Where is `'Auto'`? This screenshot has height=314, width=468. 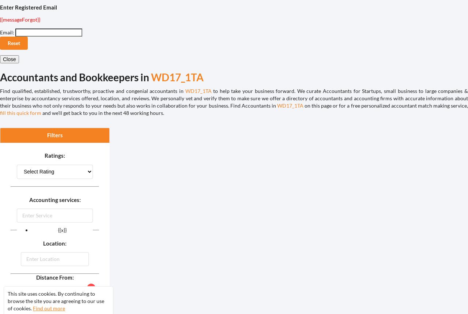 'Auto' is located at coordinates (56, 300).